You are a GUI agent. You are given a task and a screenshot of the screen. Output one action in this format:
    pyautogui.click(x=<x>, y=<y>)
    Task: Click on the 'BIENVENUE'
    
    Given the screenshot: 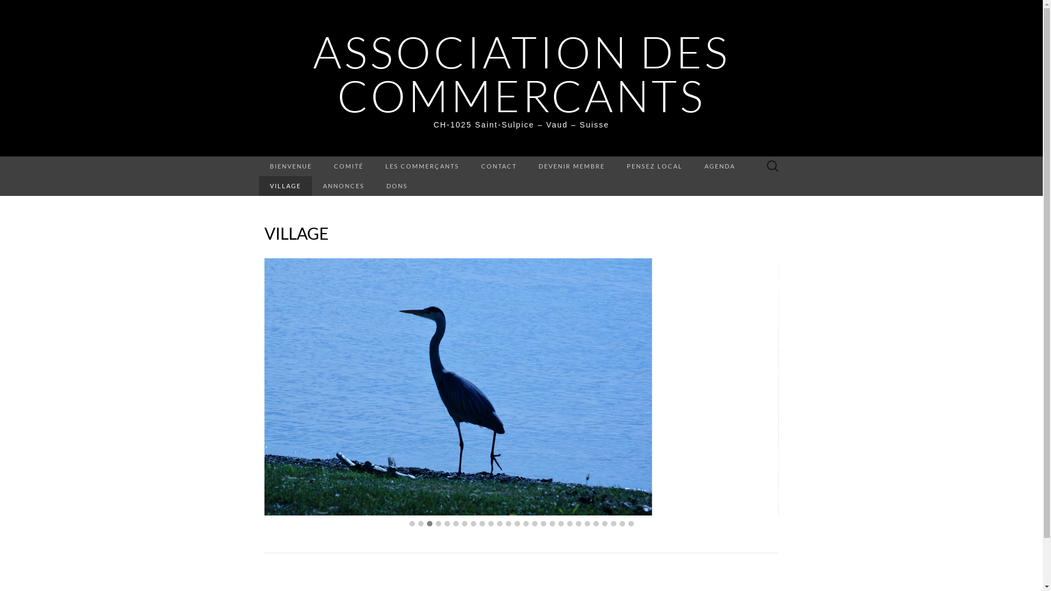 What is the action you would take?
    pyautogui.click(x=257, y=166)
    